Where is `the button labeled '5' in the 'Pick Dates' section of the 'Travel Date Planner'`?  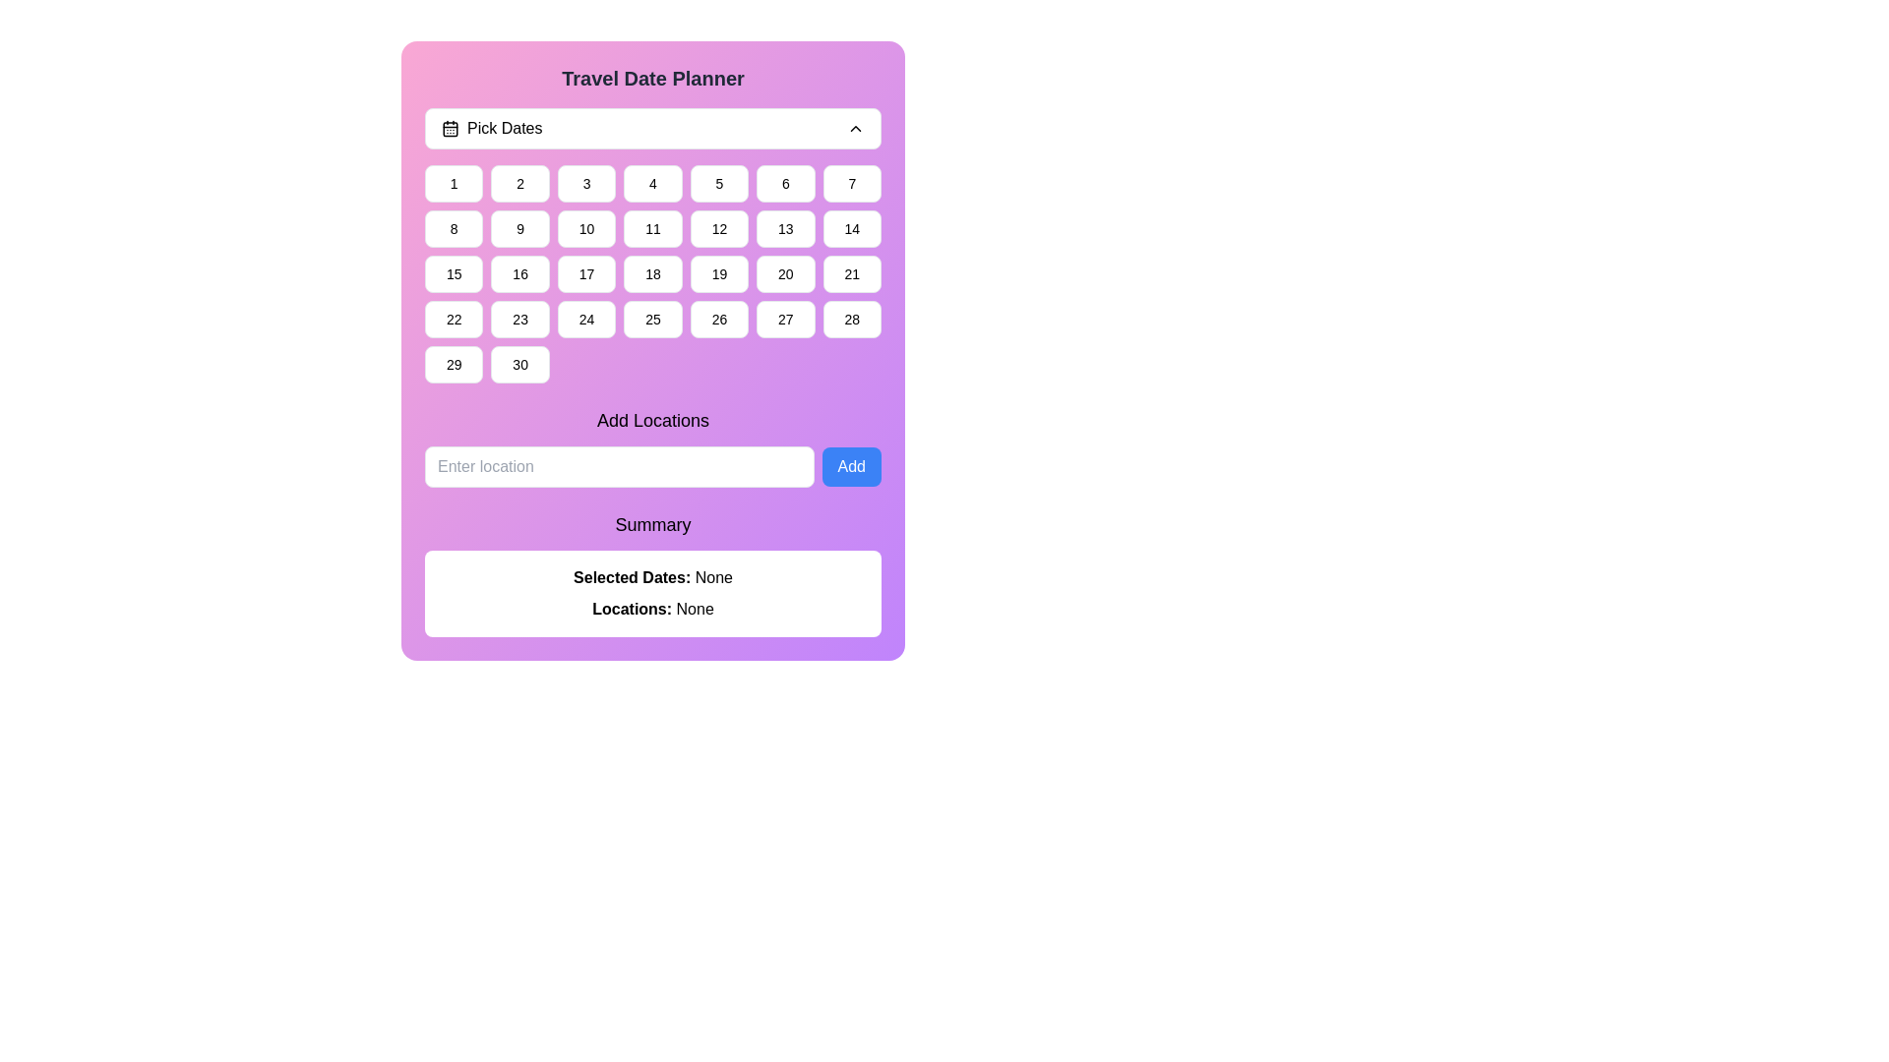
the button labeled '5' in the 'Pick Dates' section of the 'Travel Date Planner' is located at coordinates (718, 183).